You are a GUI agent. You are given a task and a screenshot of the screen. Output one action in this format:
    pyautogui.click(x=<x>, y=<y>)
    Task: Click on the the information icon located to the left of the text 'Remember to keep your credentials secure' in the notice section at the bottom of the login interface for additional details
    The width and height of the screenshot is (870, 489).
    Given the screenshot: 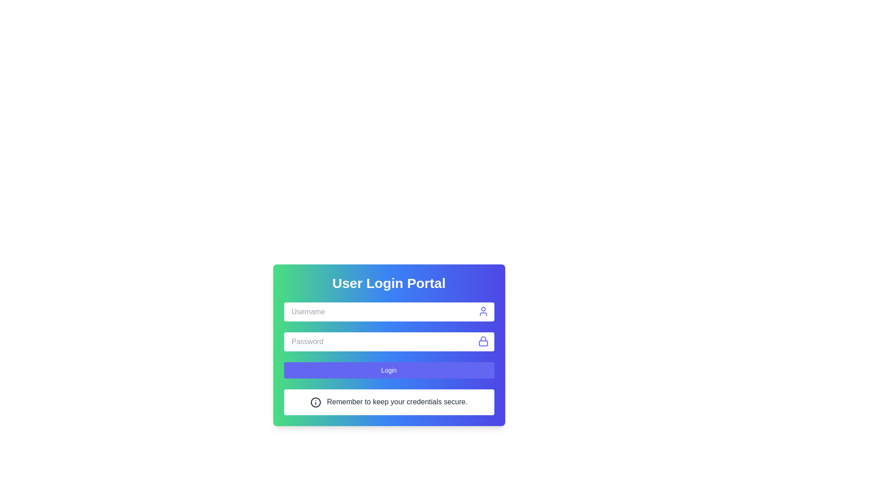 What is the action you would take?
    pyautogui.click(x=316, y=402)
    